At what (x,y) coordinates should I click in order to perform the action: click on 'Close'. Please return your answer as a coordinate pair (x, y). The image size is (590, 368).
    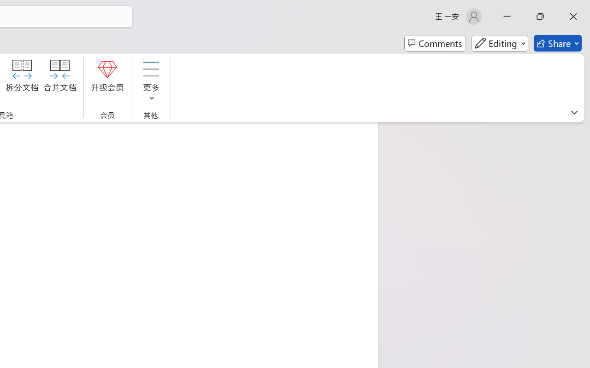
    Looking at the image, I should click on (573, 16).